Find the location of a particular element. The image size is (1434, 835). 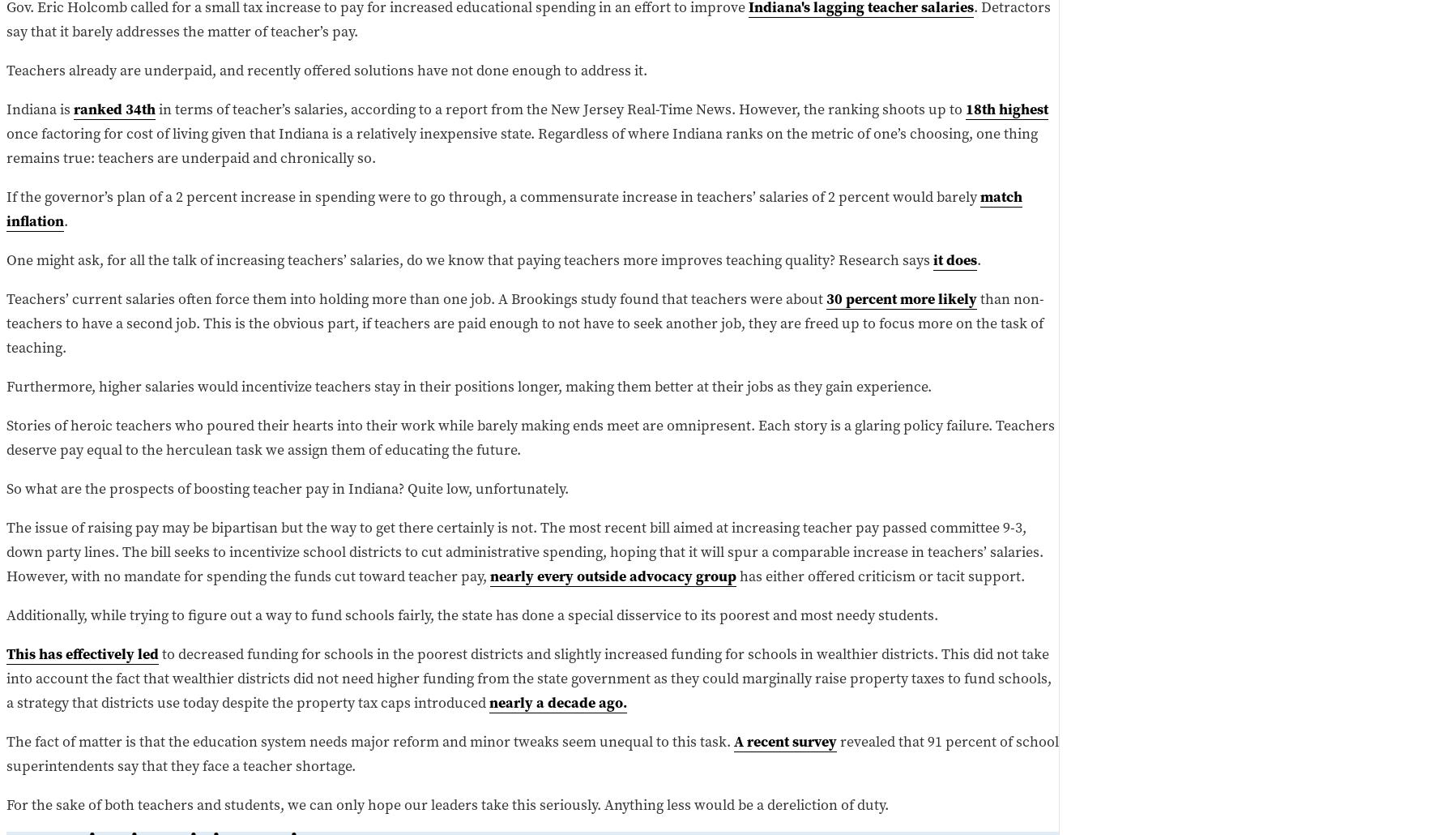

'One might ask, for all the talk of increasing teachers’ salaries, do we know that paying teachers more improves teaching quality? Research says' is located at coordinates (470, 258).